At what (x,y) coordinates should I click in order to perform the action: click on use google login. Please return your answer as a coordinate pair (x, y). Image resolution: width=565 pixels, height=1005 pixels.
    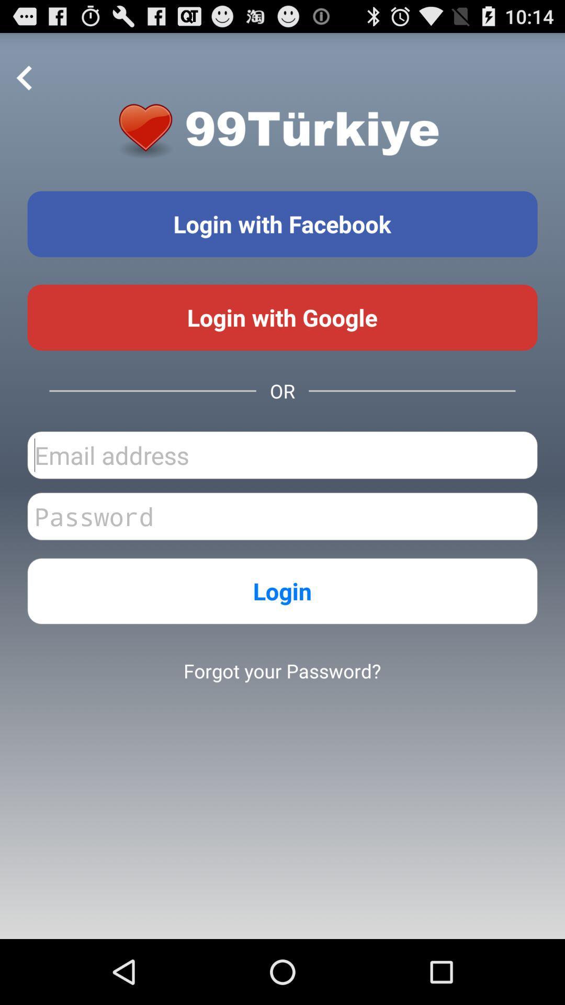
    Looking at the image, I should click on (282, 317).